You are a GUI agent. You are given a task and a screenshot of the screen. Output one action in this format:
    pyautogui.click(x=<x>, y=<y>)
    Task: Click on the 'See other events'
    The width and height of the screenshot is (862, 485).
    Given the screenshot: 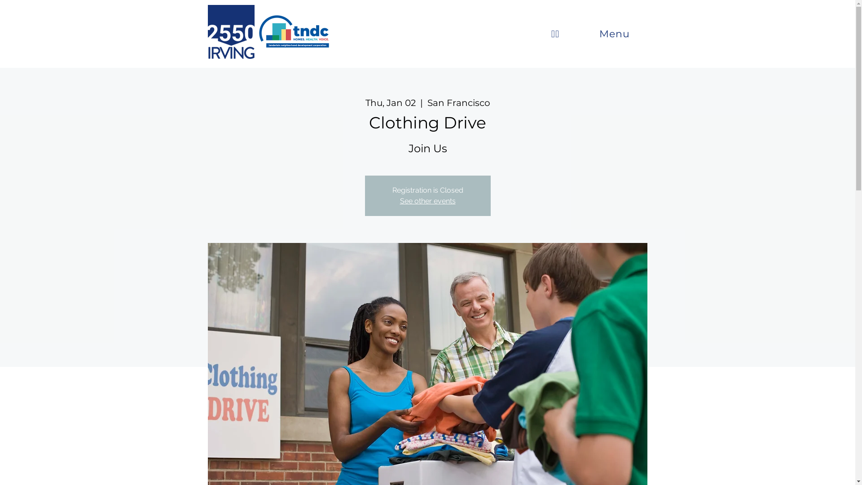 What is the action you would take?
    pyautogui.click(x=427, y=200)
    